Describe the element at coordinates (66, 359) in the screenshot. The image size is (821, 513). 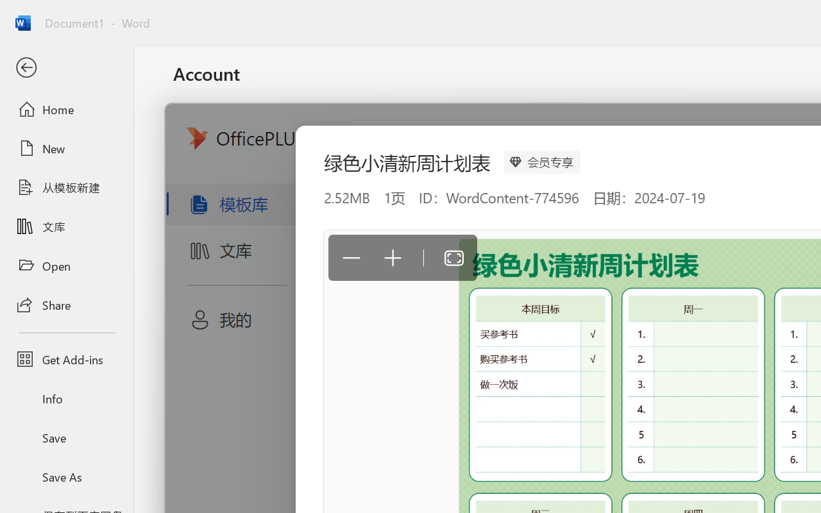
I see `'Get Add-ins'` at that location.